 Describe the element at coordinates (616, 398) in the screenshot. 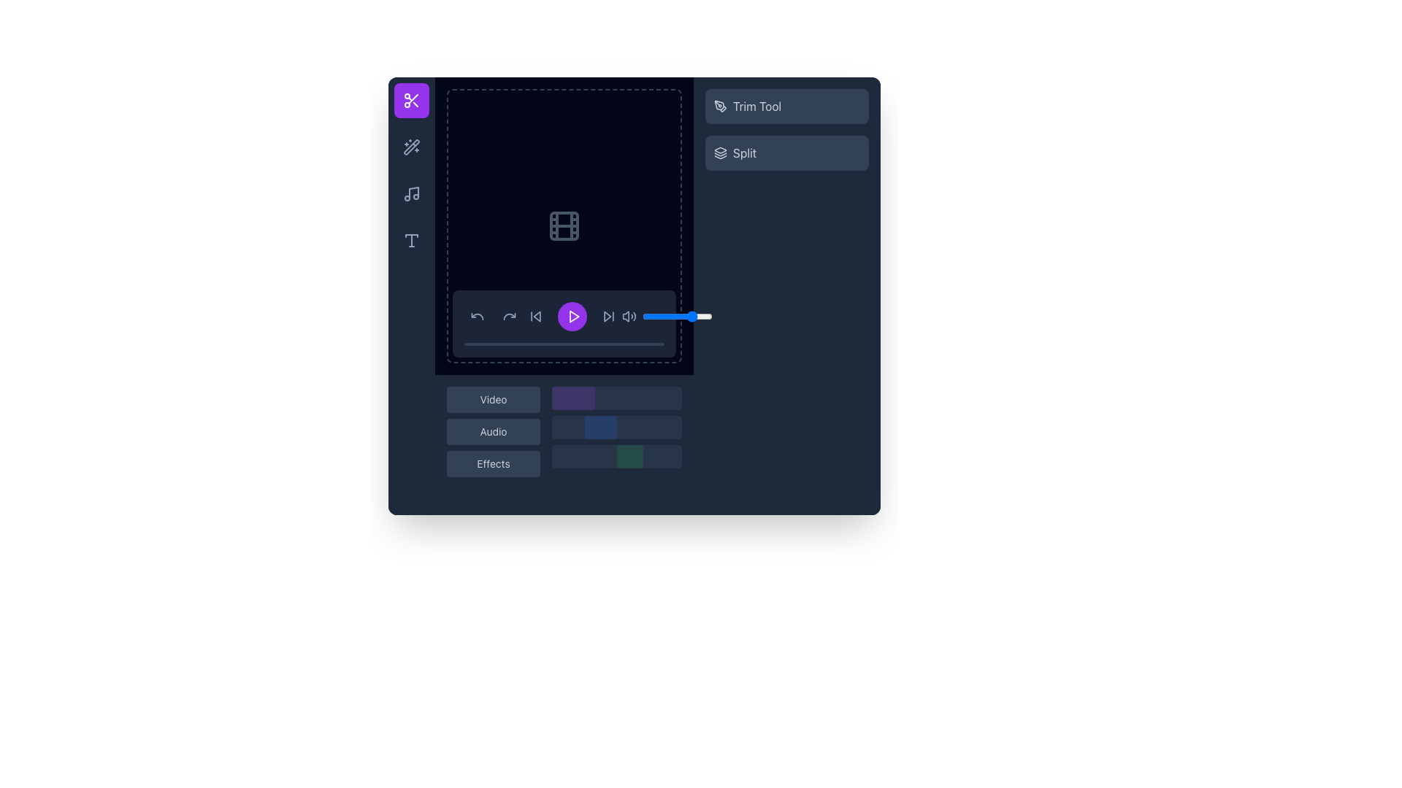

I see `the progress bar or indicator located at the top of a vertical stack of components, centrally aligned below a toolbar interface` at that location.